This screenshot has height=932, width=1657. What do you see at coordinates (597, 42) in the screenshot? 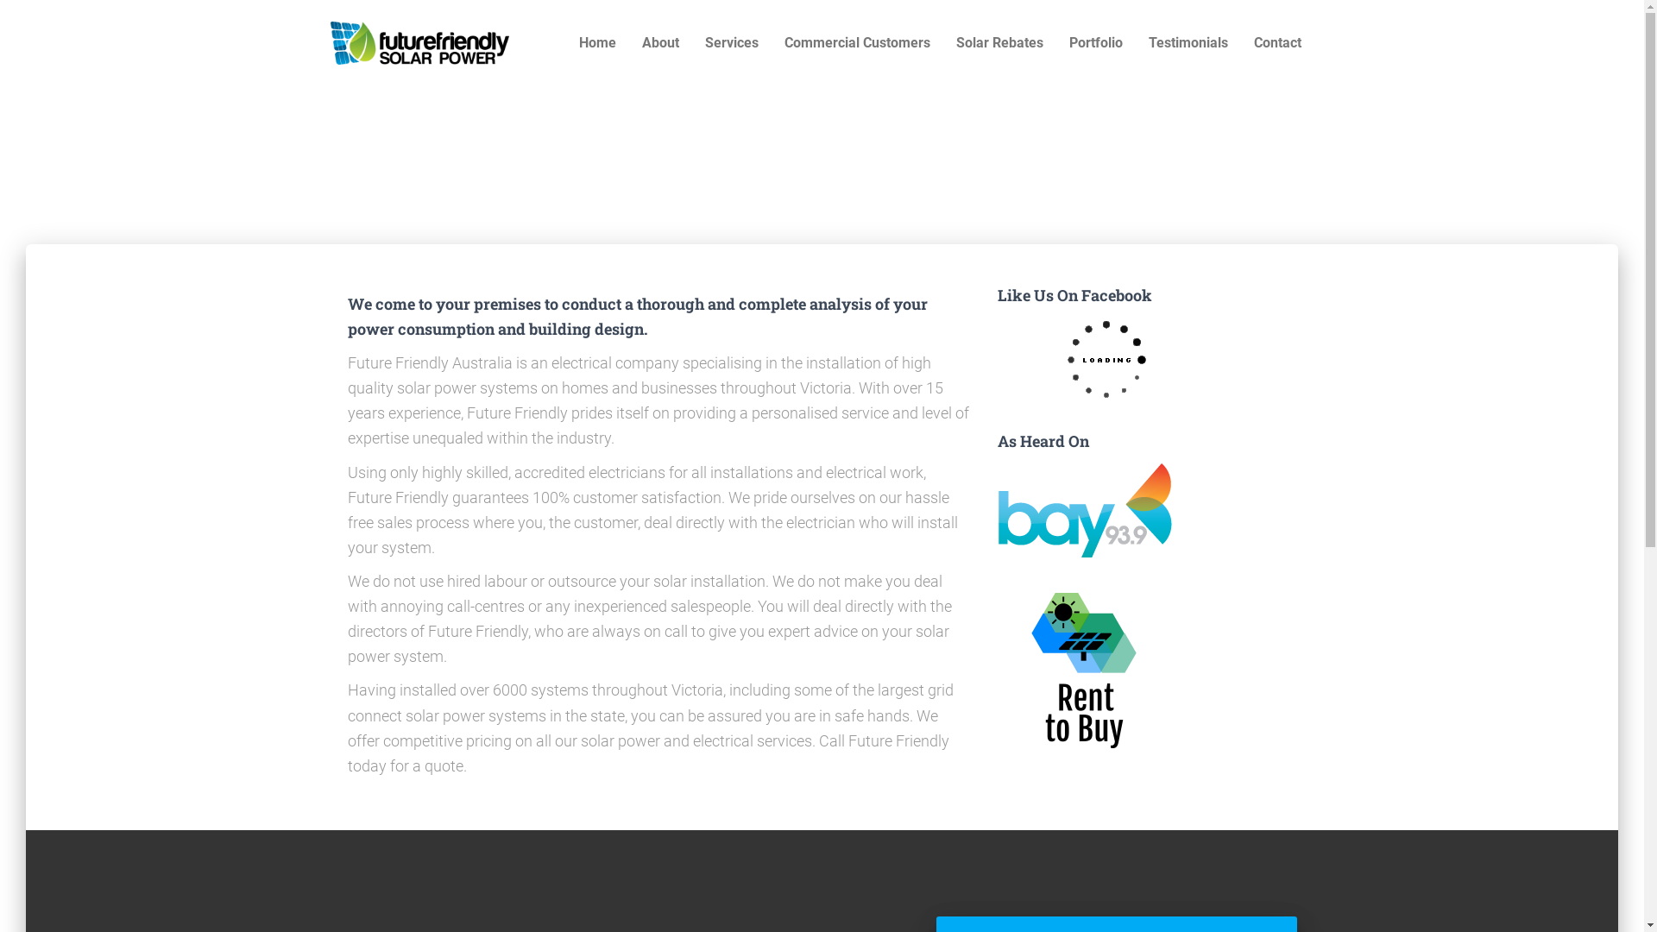
I see `'Home'` at bounding box center [597, 42].